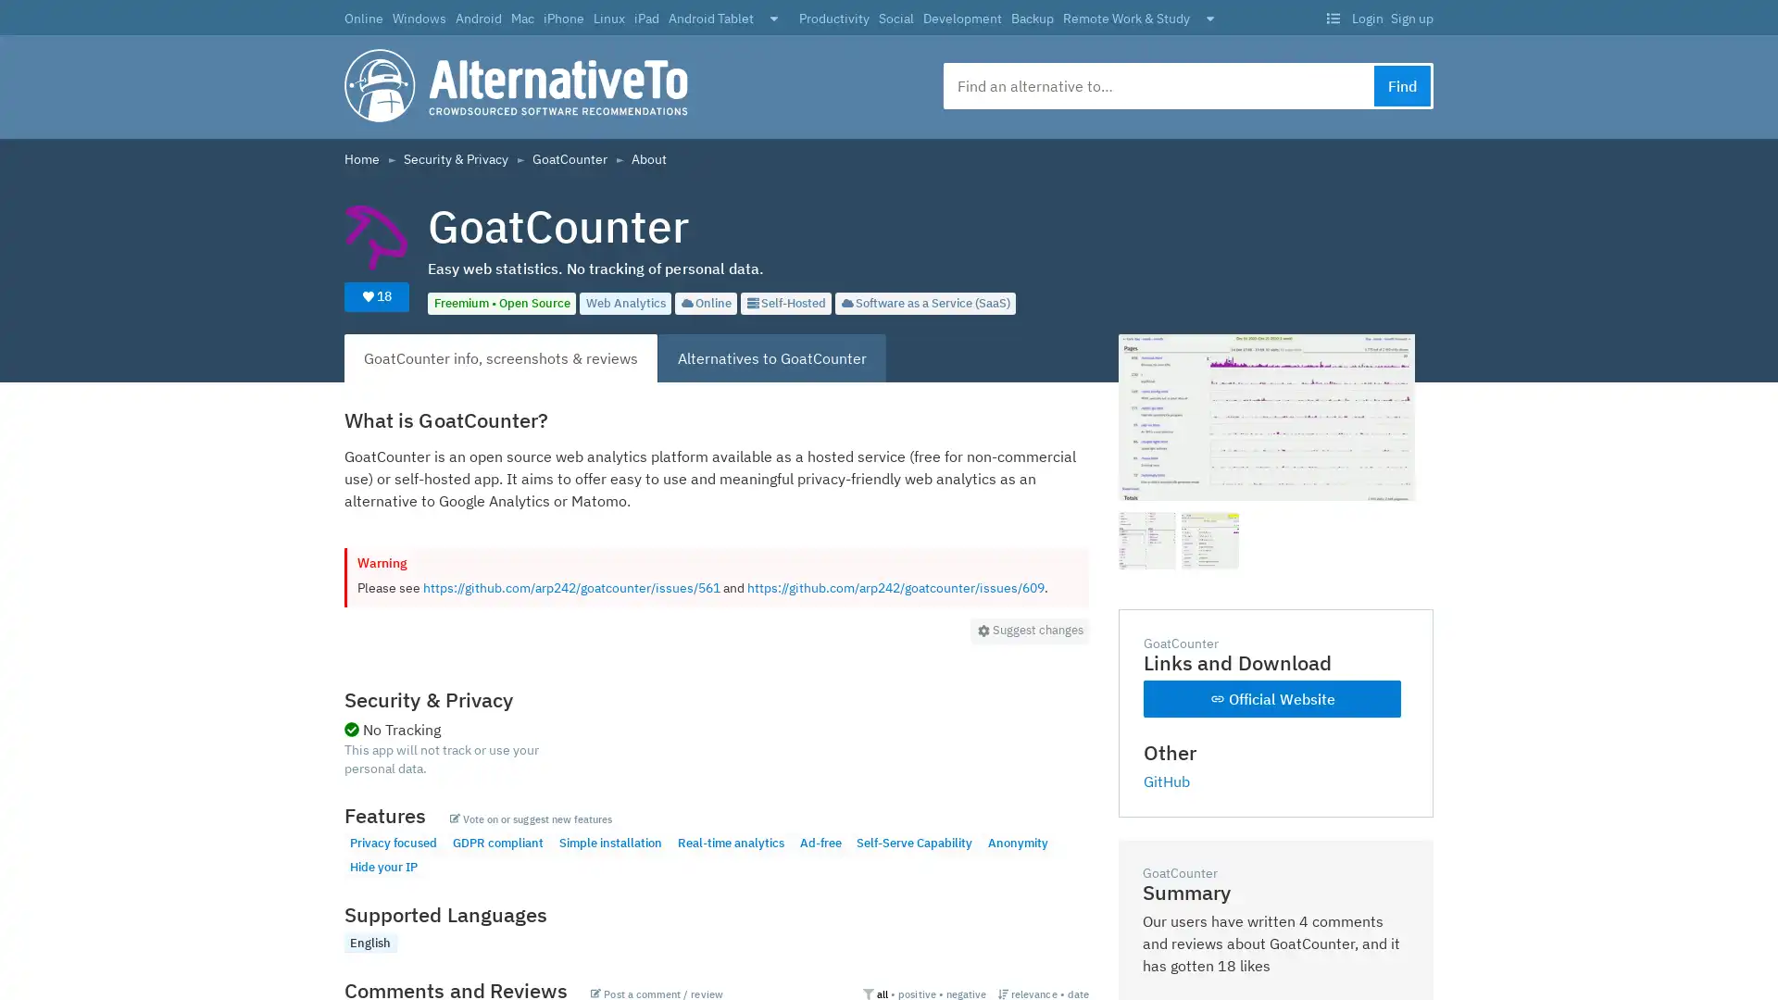 The width and height of the screenshot is (1778, 1000). What do you see at coordinates (1029, 630) in the screenshot?
I see `GoatCounter menu` at bounding box center [1029, 630].